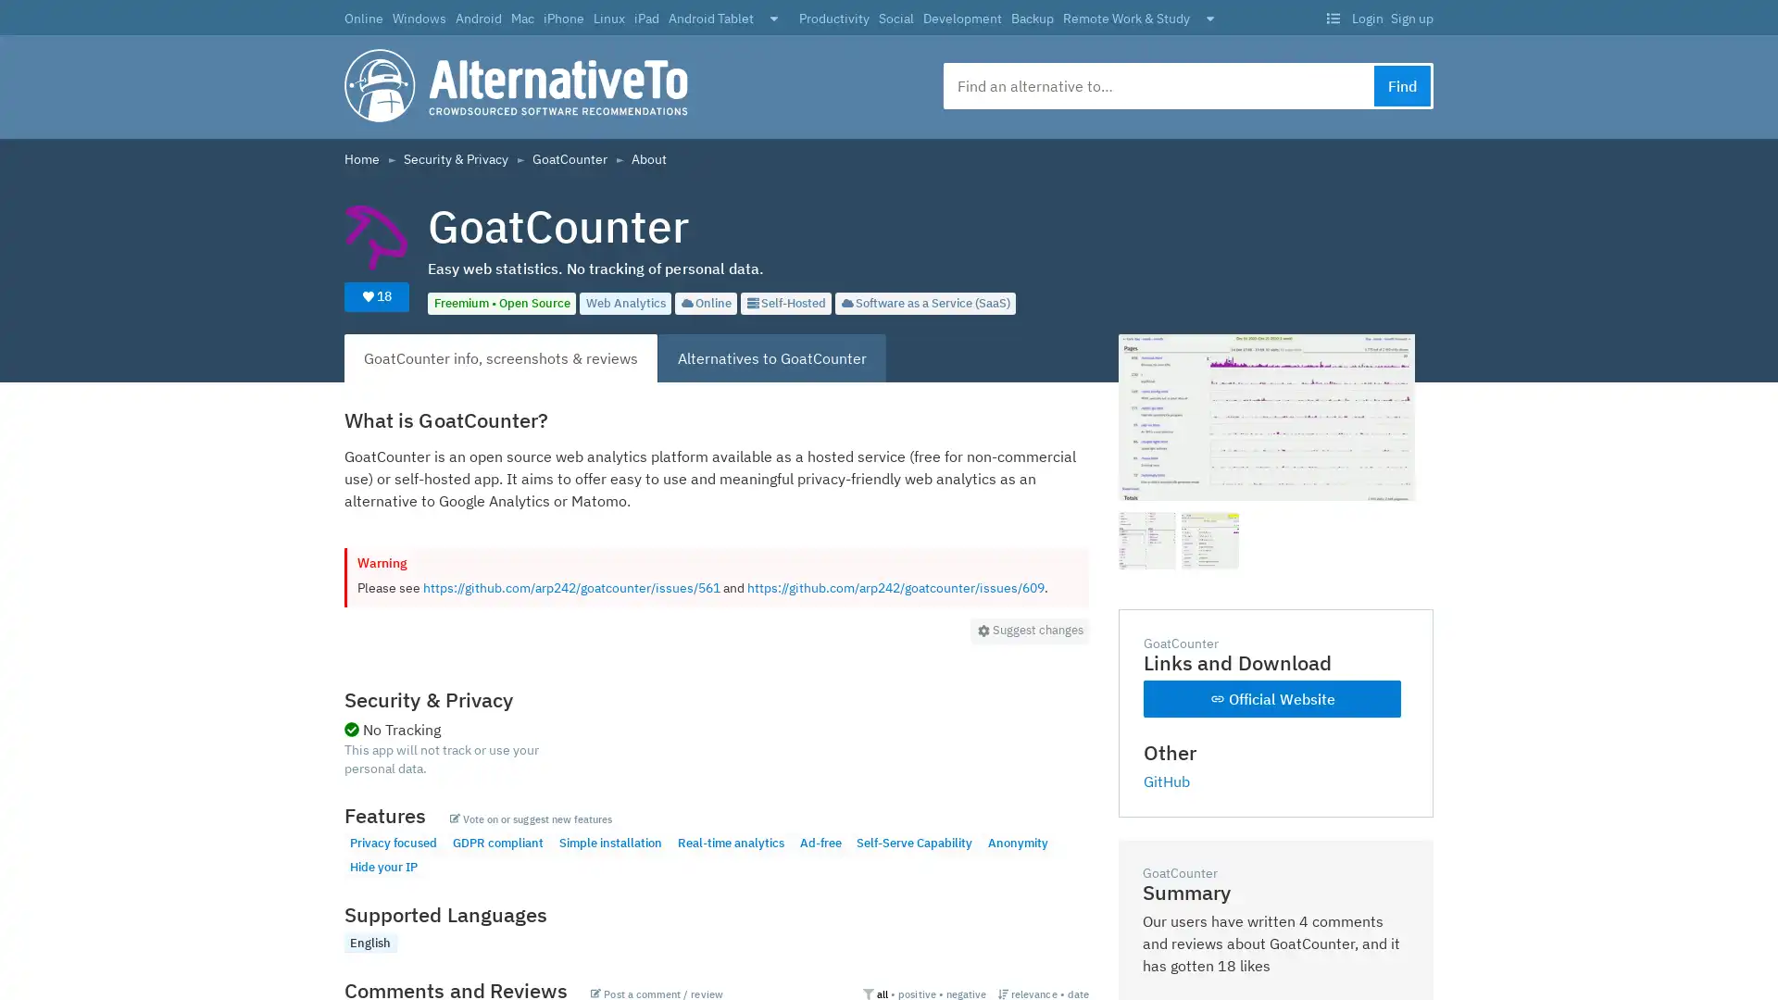 The width and height of the screenshot is (1778, 1000). What do you see at coordinates (1029, 630) in the screenshot?
I see `GoatCounter menu` at bounding box center [1029, 630].